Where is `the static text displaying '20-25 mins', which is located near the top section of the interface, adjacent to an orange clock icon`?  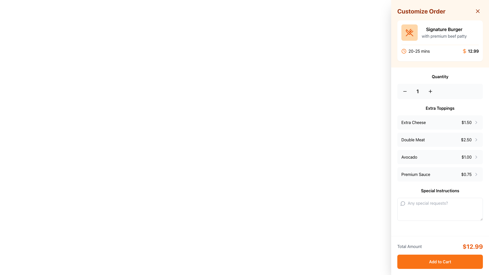
the static text displaying '20-25 mins', which is located near the top section of the interface, adjacent to an orange clock icon is located at coordinates (419, 51).